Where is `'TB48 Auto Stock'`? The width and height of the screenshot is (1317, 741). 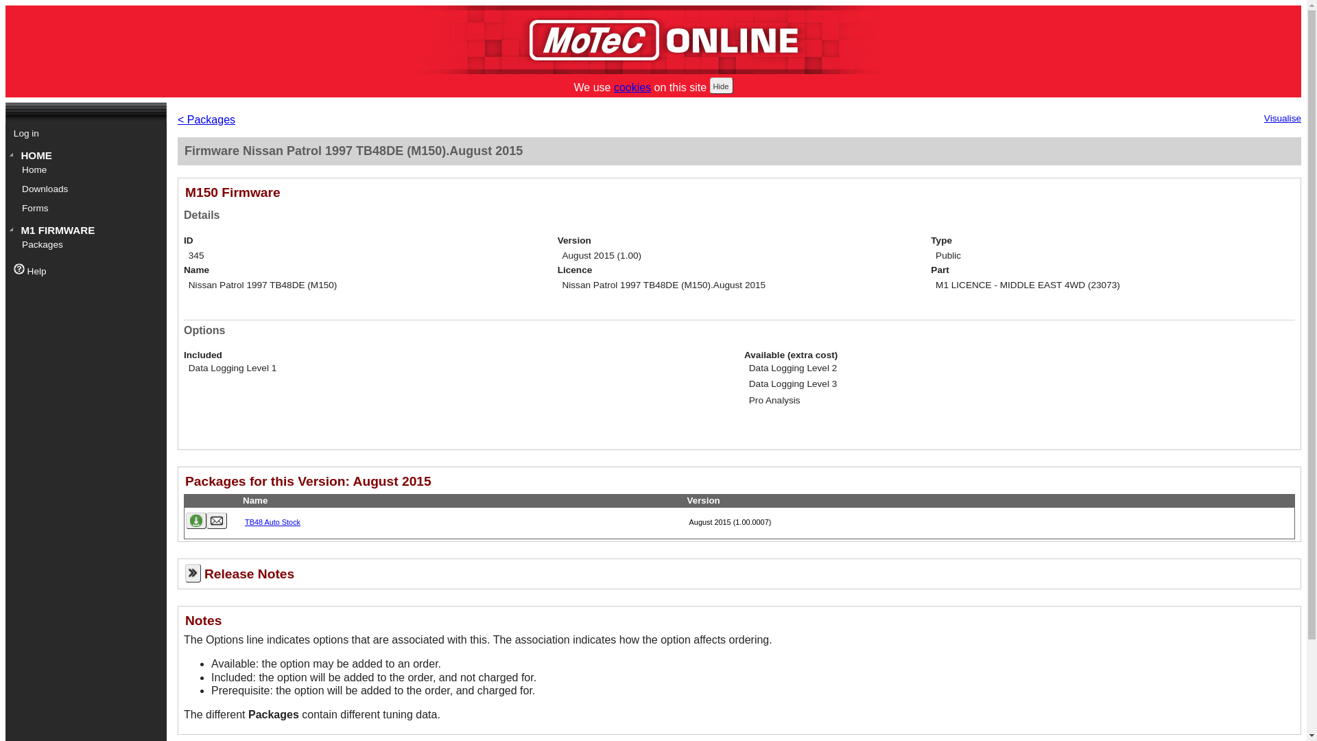
'TB48 Auto Stock' is located at coordinates (244, 521).